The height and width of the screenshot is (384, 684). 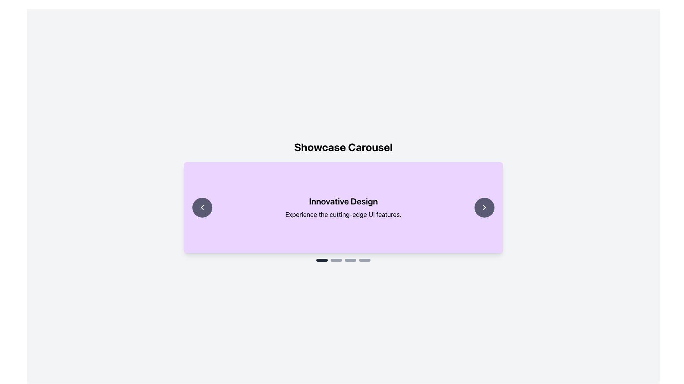 What do you see at coordinates (343, 207) in the screenshot?
I see `text from the descriptive header and subtext located within the upper central section of the purple card, positioned beneath the 'Showcase Carousel' label` at bounding box center [343, 207].